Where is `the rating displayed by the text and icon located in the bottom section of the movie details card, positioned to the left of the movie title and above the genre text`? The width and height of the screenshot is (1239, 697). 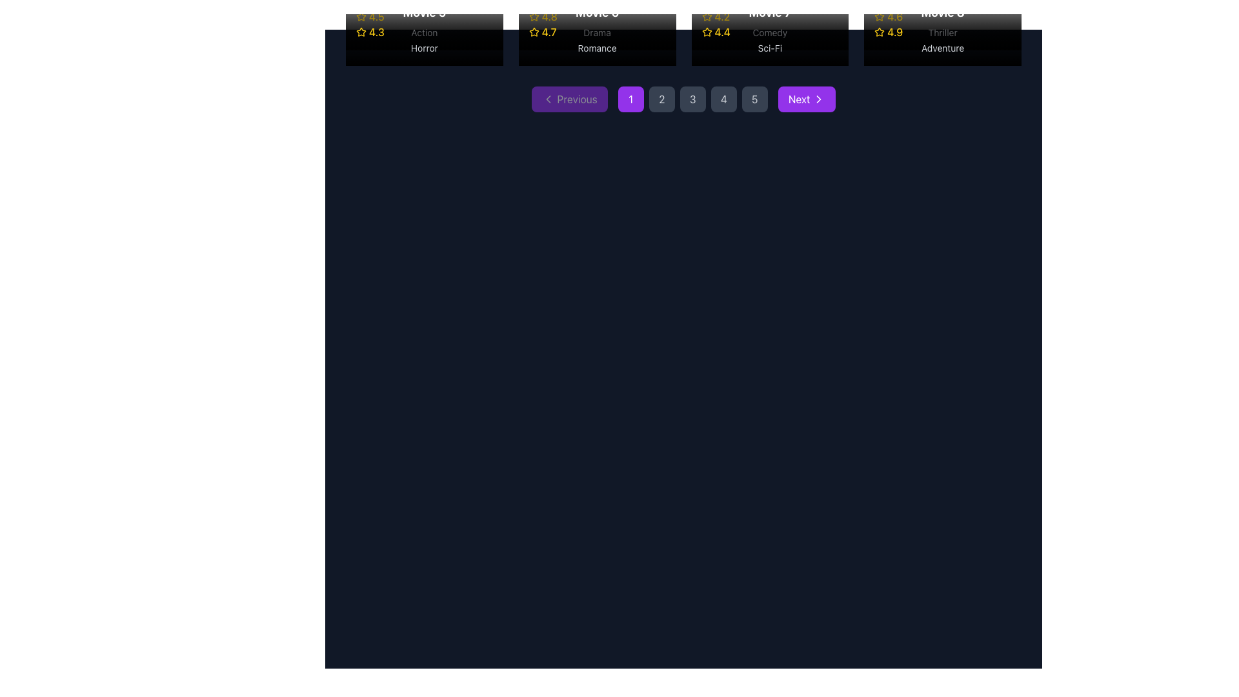 the rating displayed by the text and icon located in the bottom section of the movie details card, positioned to the left of the movie title and above the genre text is located at coordinates (424, 17).